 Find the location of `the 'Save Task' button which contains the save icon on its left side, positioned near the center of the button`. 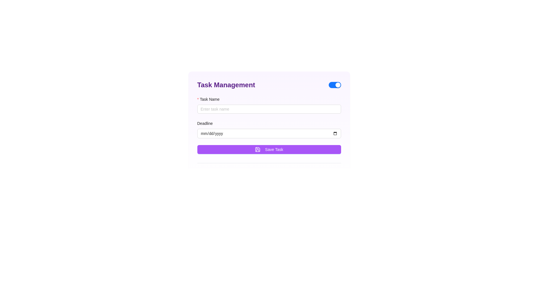

the 'Save Task' button which contains the save icon on its left side, positioned near the center of the button is located at coordinates (257, 149).